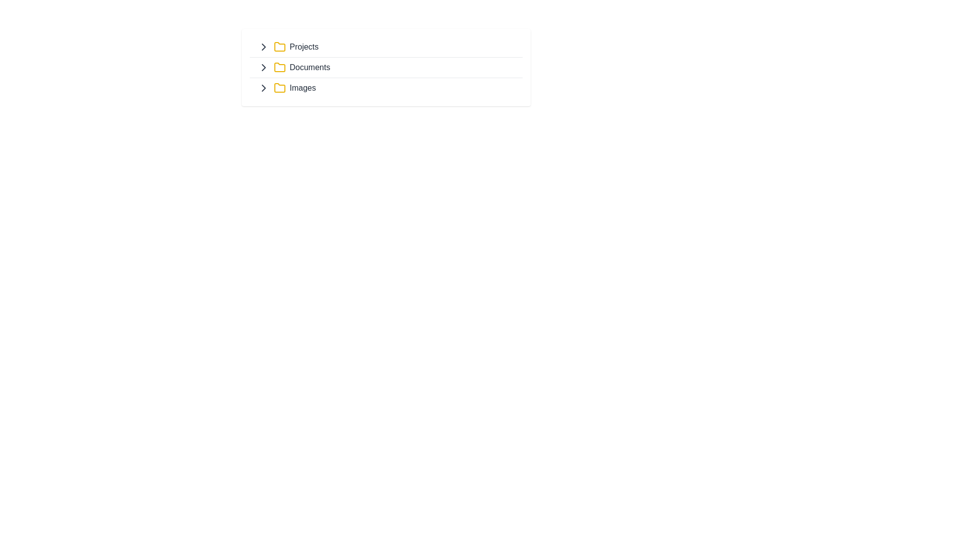 The width and height of the screenshot is (963, 541). I want to click on the clickable list item labeled 'Images' which is the third row in a vertical list, following 'Projects' and 'Documents', so click(385, 88).